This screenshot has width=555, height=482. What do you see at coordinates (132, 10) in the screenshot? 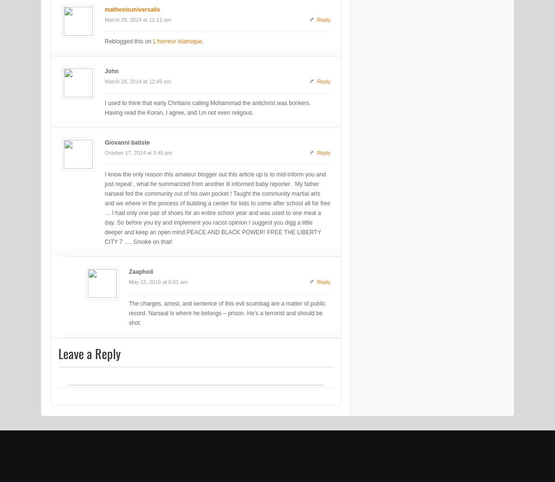
I see `'mathesisuniversalis'` at bounding box center [132, 10].